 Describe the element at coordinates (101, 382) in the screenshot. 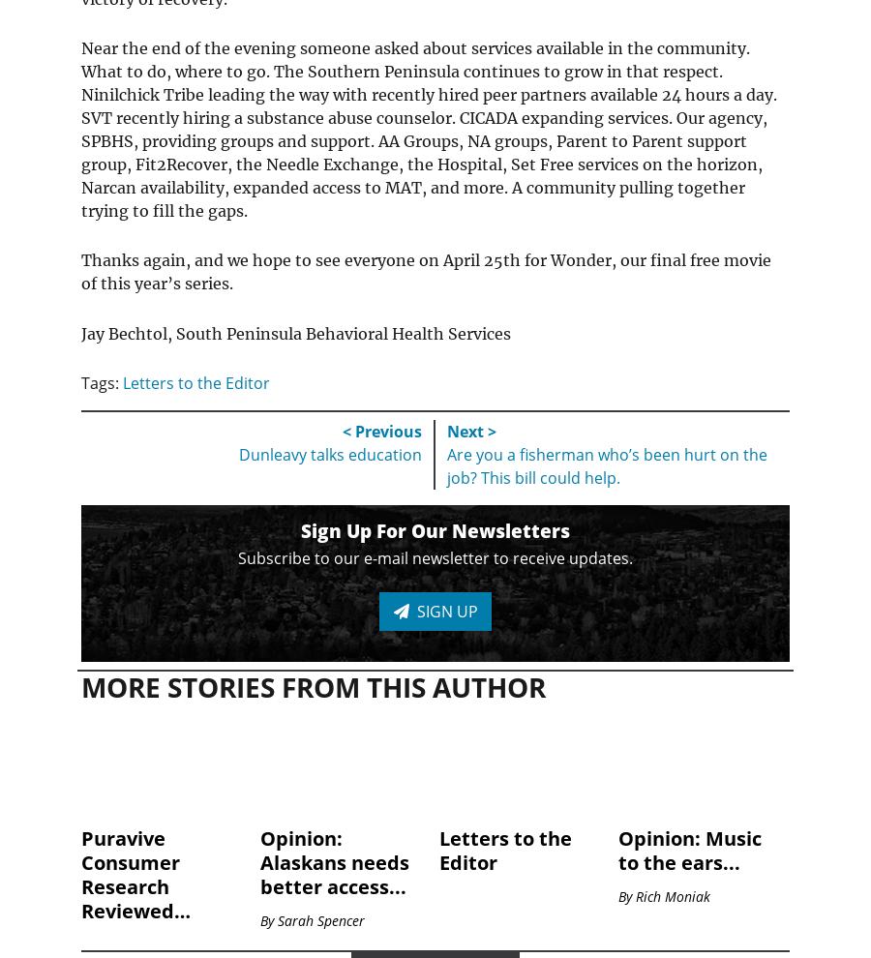

I see `'Tags:'` at that location.